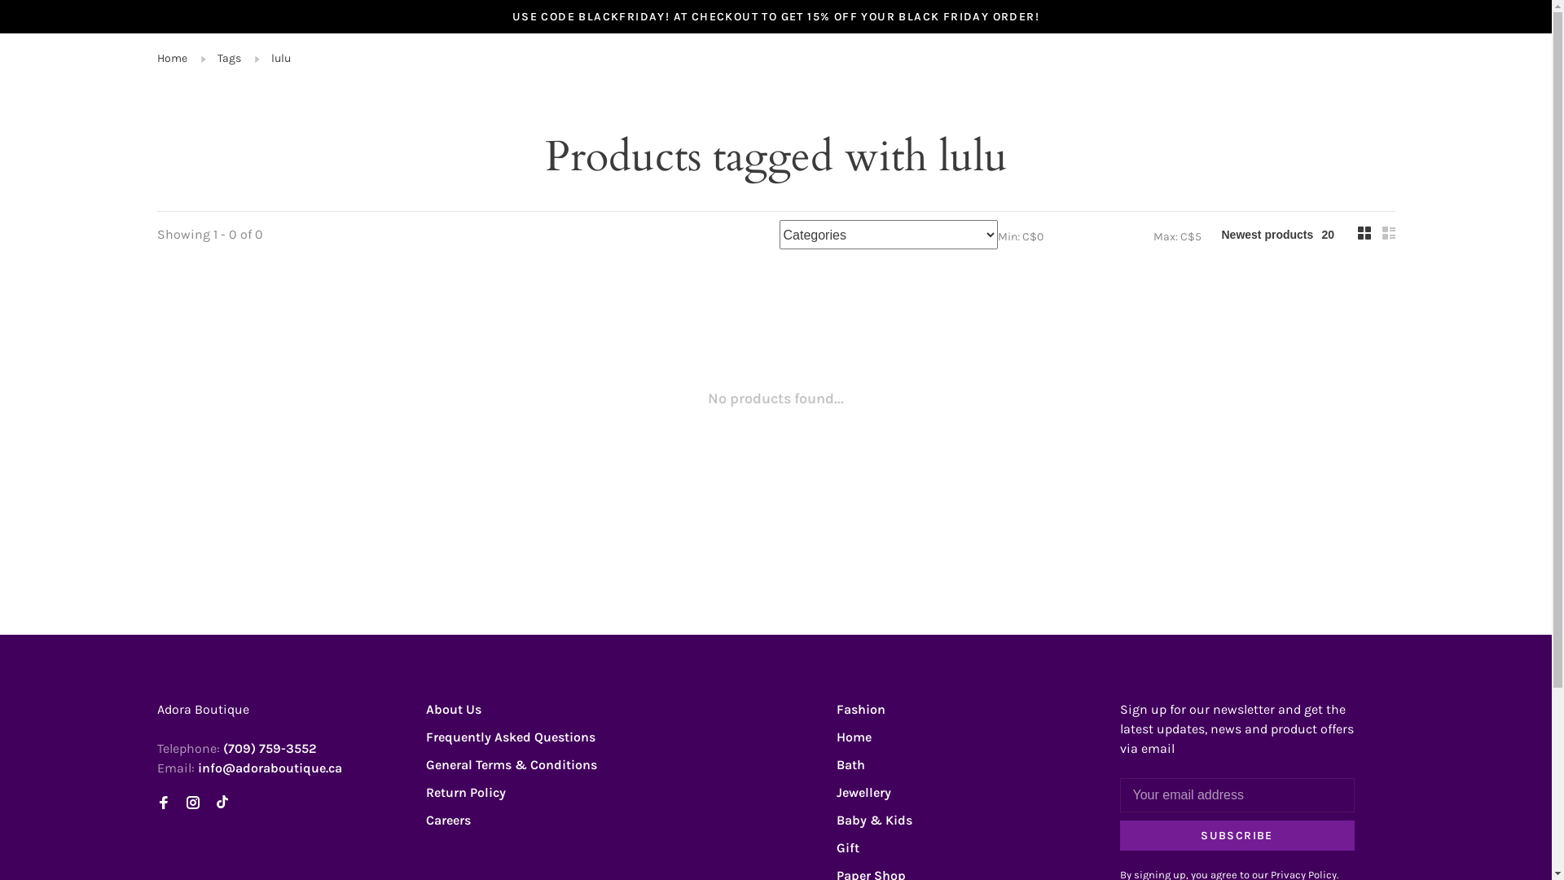 The image size is (1564, 880). What do you see at coordinates (508, 737) in the screenshot?
I see `'Frequently Asked Questions'` at bounding box center [508, 737].